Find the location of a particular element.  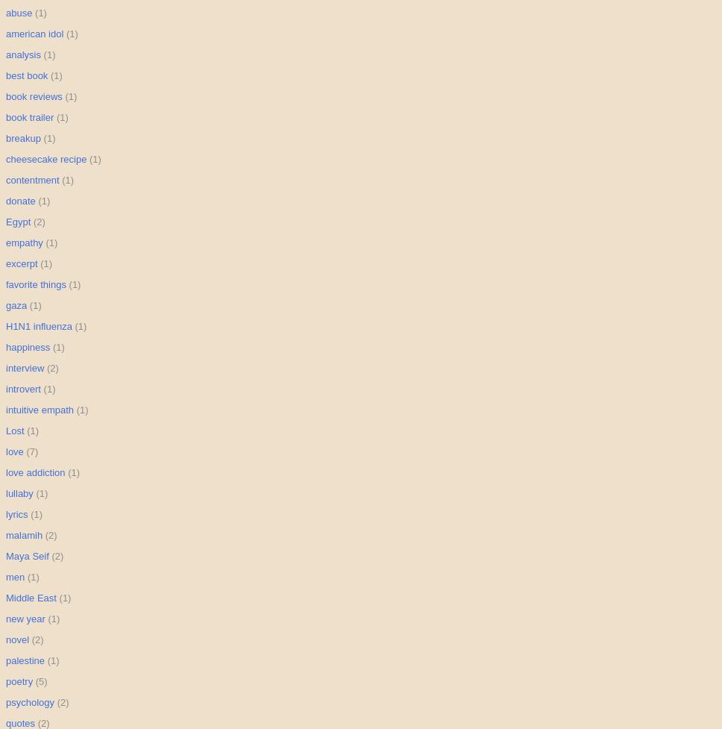

'gaza' is located at coordinates (16, 305).